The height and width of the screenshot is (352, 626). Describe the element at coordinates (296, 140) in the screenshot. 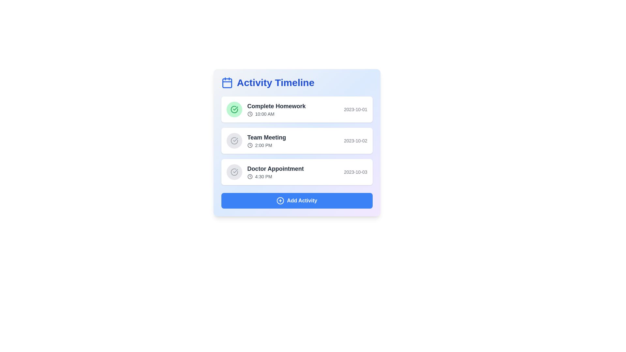

I see `the activity item corresponding to Team Meeting` at that location.